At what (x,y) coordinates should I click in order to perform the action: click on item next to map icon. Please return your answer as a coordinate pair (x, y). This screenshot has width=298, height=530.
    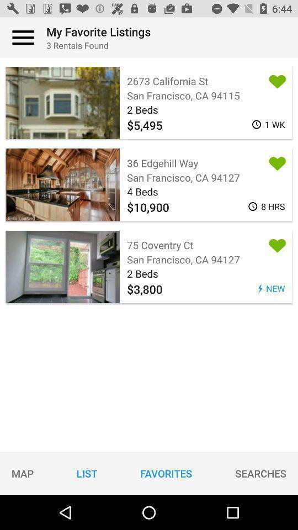
    Looking at the image, I should click on (86, 473).